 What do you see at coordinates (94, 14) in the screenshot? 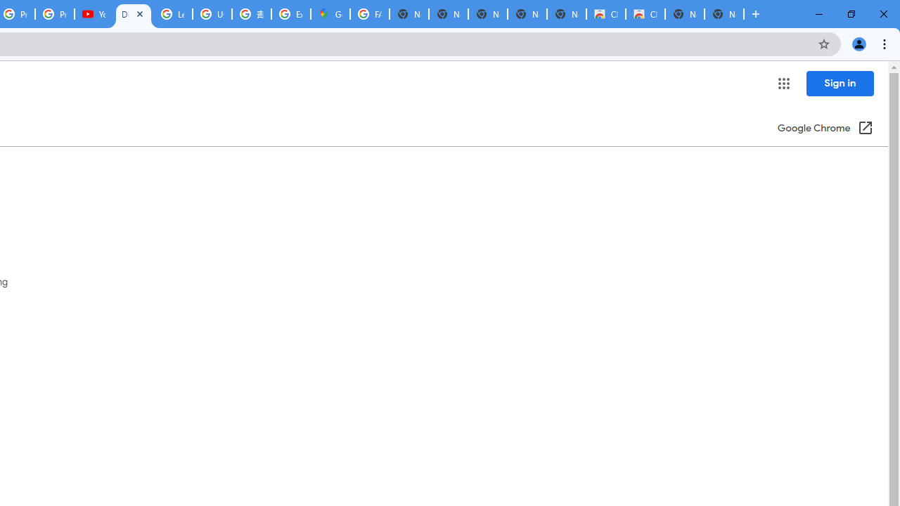
I see `'YouTube'` at bounding box center [94, 14].